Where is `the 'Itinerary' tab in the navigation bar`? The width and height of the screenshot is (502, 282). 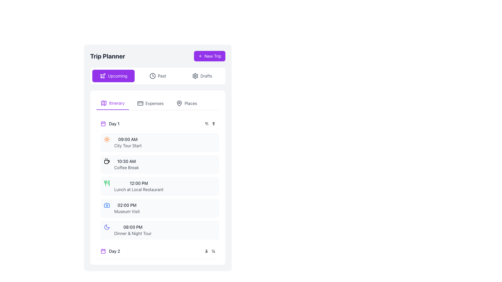 the 'Itinerary' tab in the navigation bar is located at coordinates (112, 103).